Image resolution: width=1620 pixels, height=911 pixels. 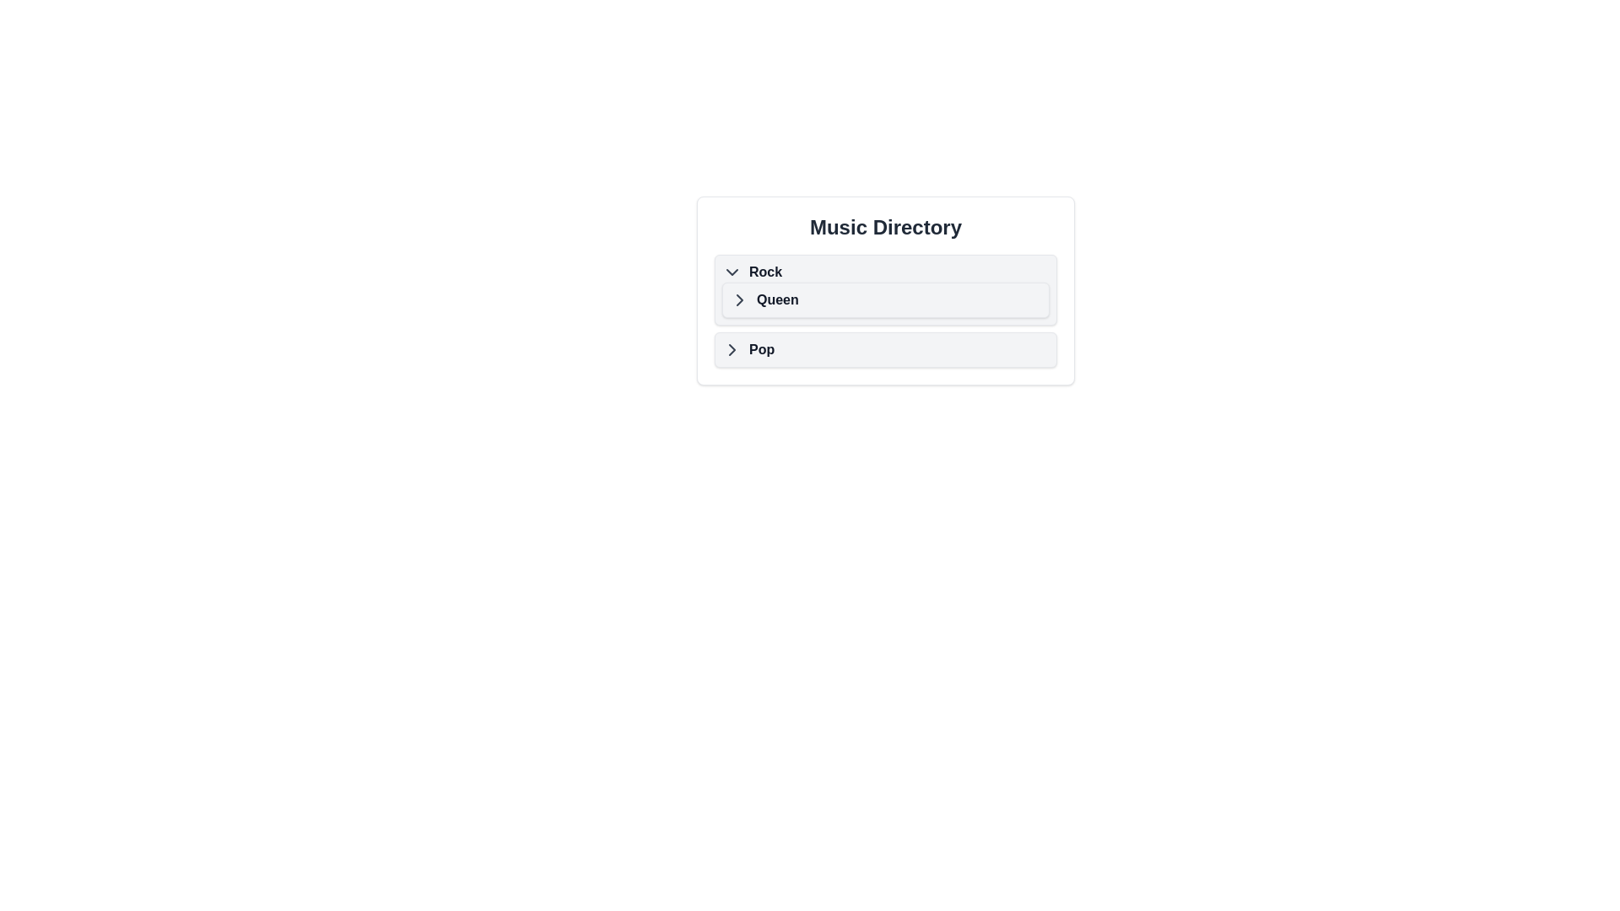 I want to click on the downward-facing chevron icon located to the left of the text 'Rock' for a visual cue, so click(x=732, y=272).